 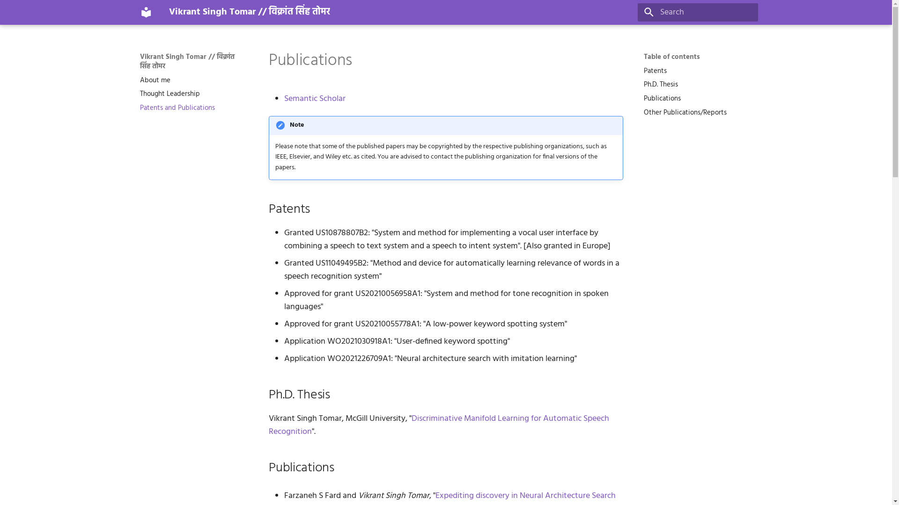 What do you see at coordinates (697, 112) in the screenshot?
I see `'Other Publications/Reports'` at bounding box center [697, 112].